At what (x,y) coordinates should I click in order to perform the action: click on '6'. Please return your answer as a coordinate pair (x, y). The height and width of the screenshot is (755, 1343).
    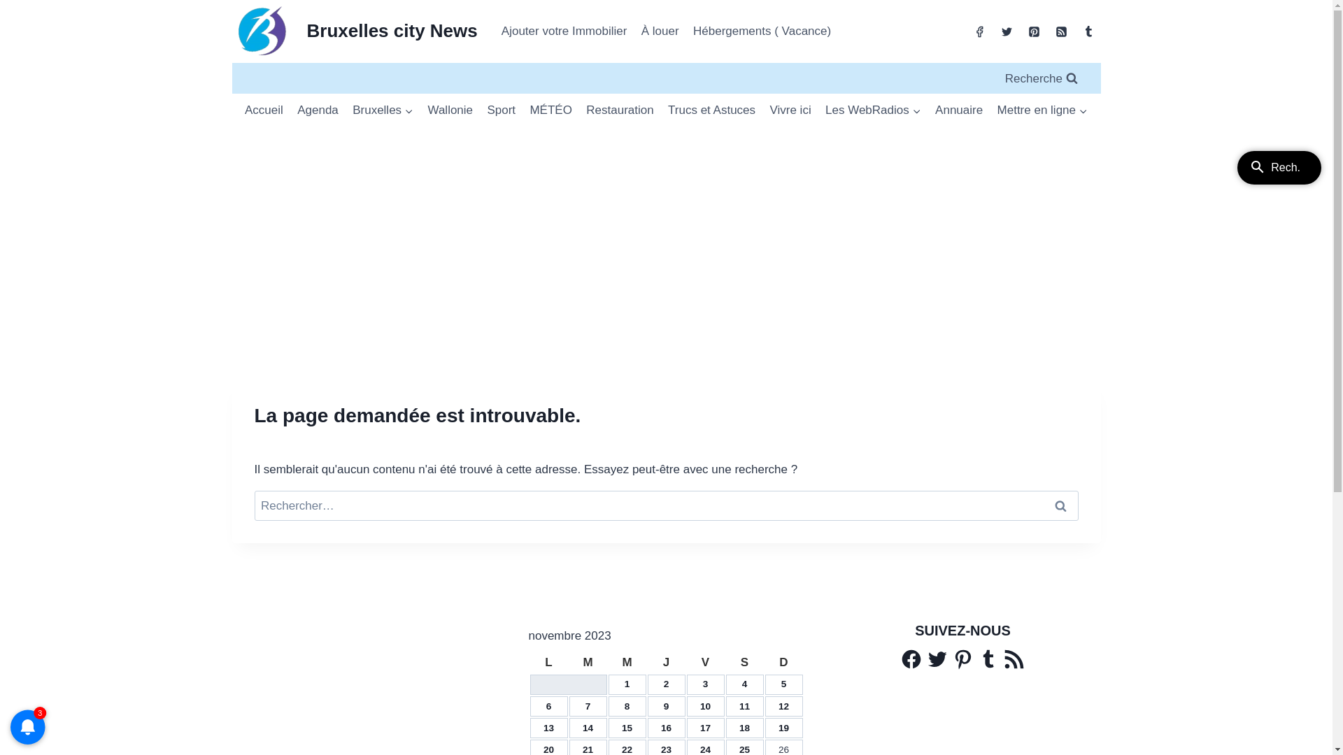
    Looking at the image, I should click on (546, 705).